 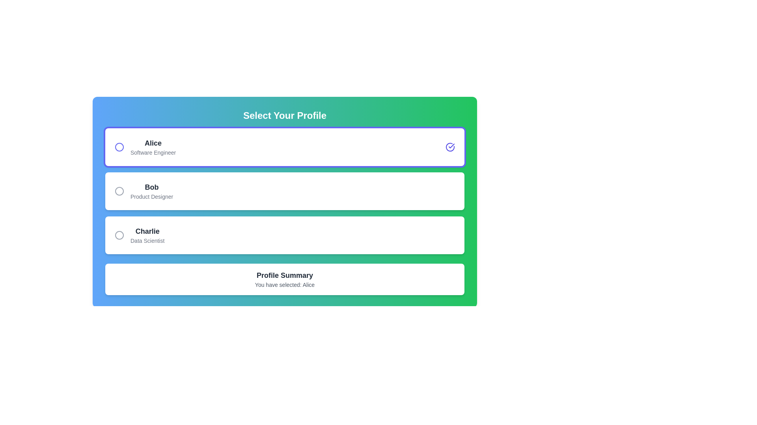 What do you see at coordinates (119, 191) in the screenshot?
I see `the radio button` at bounding box center [119, 191].